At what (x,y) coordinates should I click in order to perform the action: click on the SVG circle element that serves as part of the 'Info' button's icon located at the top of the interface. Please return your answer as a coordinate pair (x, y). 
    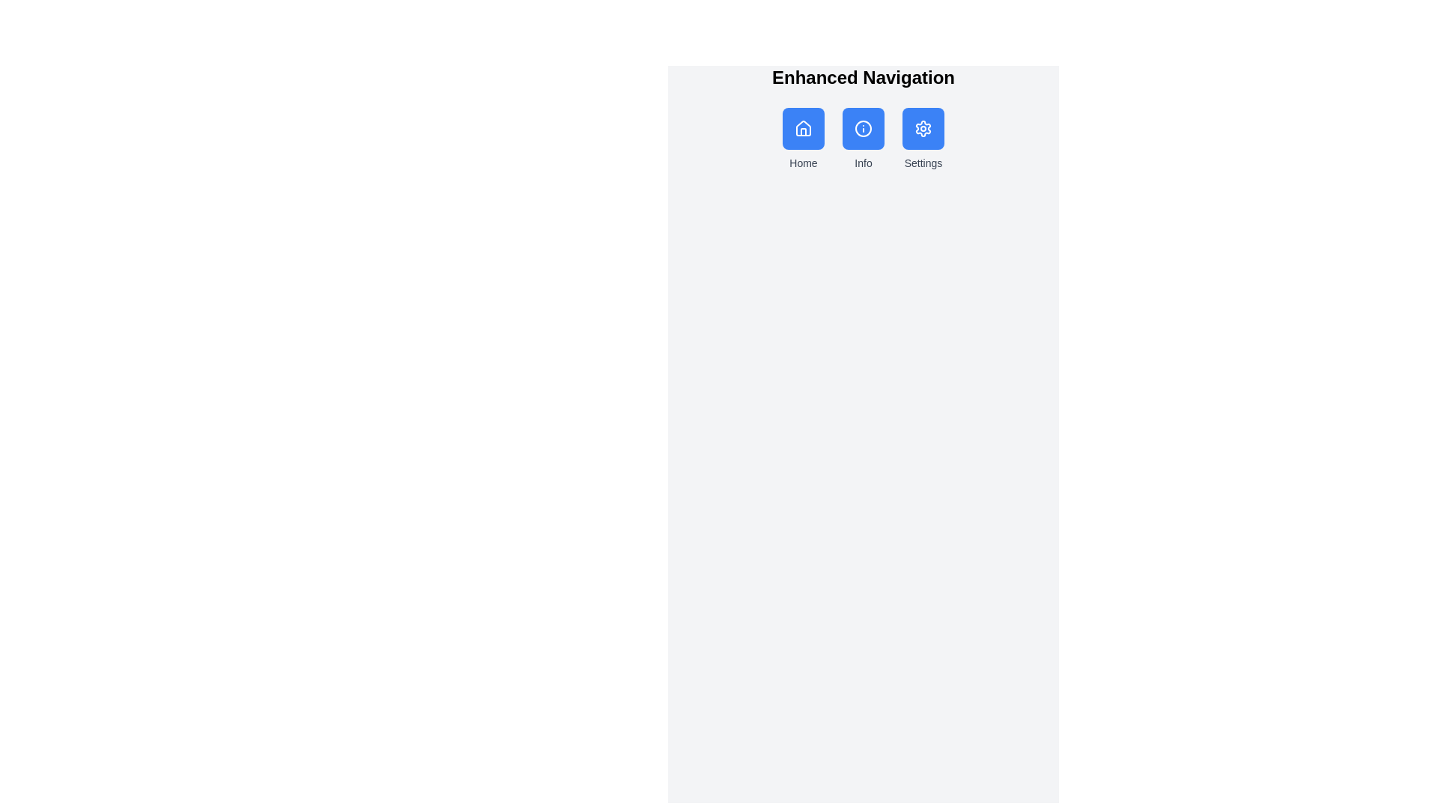
    Looking at the image, I should click on (863, 128).